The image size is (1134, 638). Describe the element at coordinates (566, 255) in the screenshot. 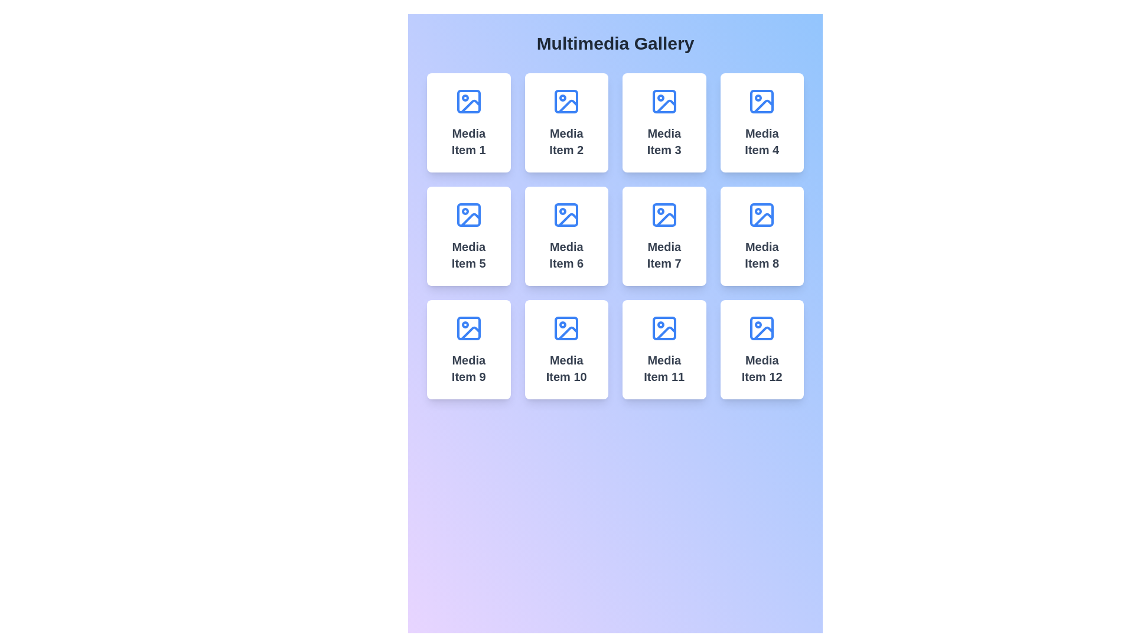

I see `text label 'Media Item 6' located in the third row and second column of the grid layout, positioned below the blue image icon` at that location.